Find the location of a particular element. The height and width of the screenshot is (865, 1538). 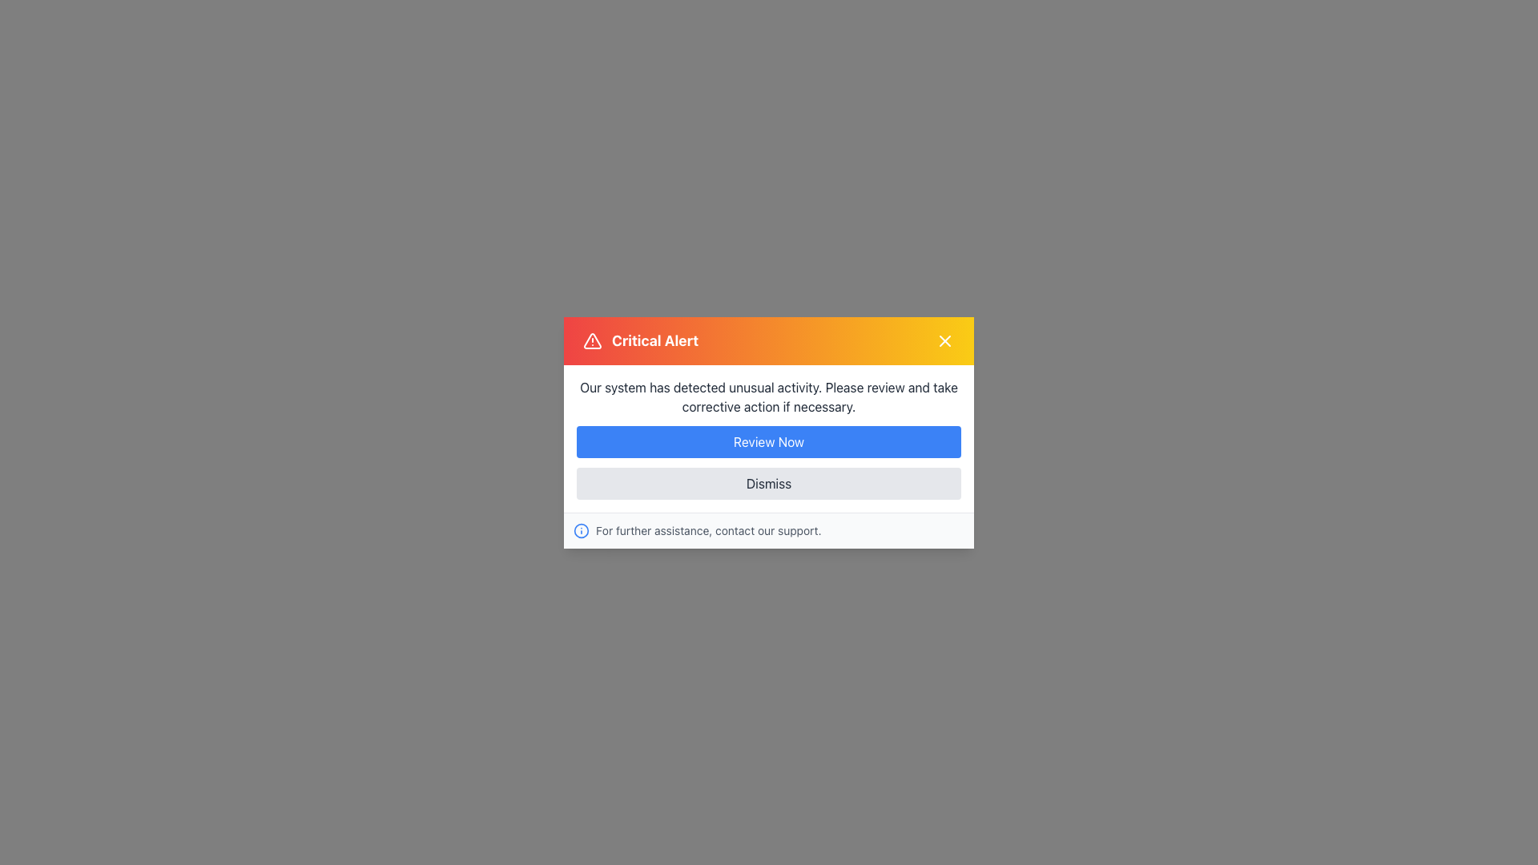

the text label that reads 'For further assistance, contact our support.', which is styled in gray and located beside a blue circular information icon in the bottom section of a rectangular popup dialog is located at coordinates (707, 530).